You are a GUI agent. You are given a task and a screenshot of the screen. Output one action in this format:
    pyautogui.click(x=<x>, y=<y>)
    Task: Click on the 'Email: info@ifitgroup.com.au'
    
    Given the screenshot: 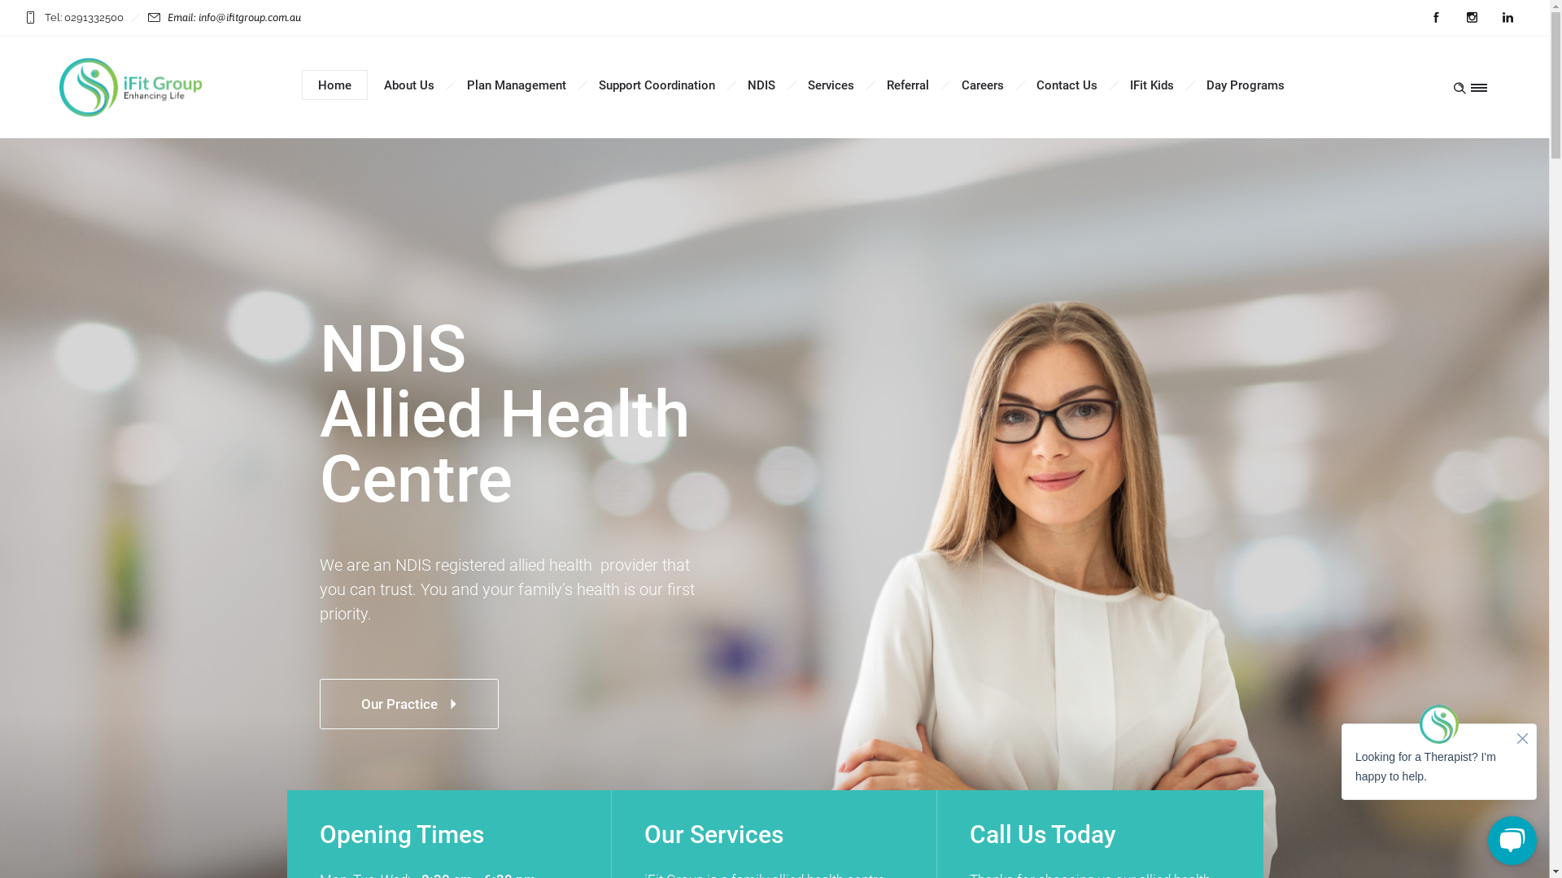 What is the action you would take?
    pyautogui.click(x=168, y=17)
    